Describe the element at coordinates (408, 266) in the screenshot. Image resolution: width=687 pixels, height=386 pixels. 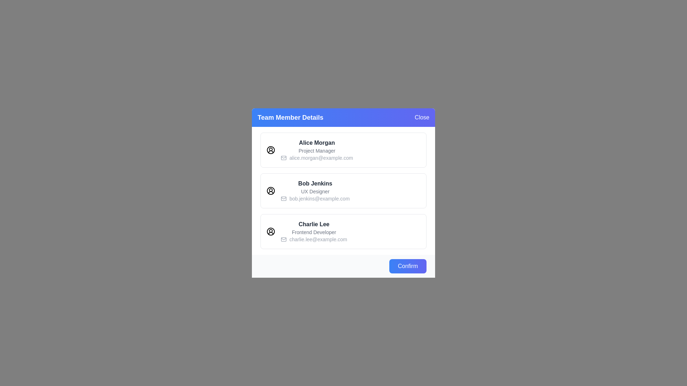
I see `the confirm button located at the bottom-right corner of the modal dialog` at that location.